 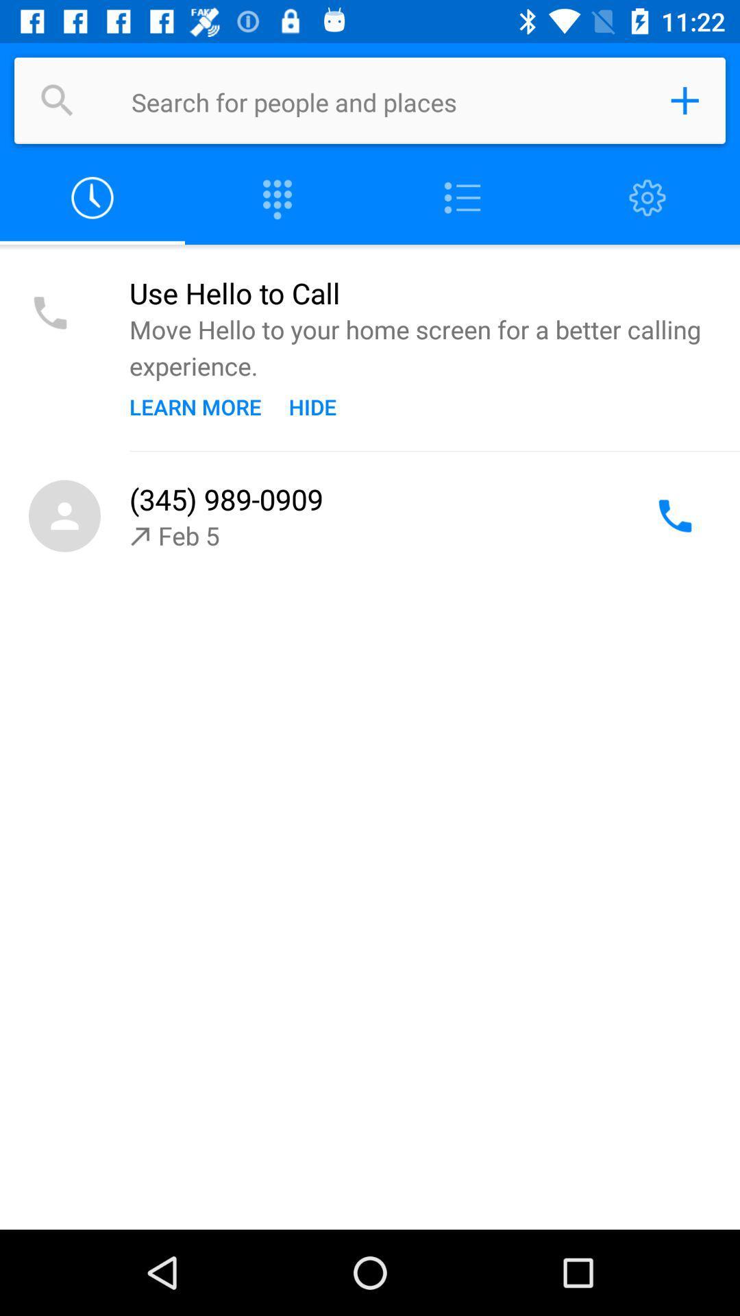 What do you see at coordinates (92, 197) in the screenshot?
I see `recent calls` at bounding box center [92, 197].